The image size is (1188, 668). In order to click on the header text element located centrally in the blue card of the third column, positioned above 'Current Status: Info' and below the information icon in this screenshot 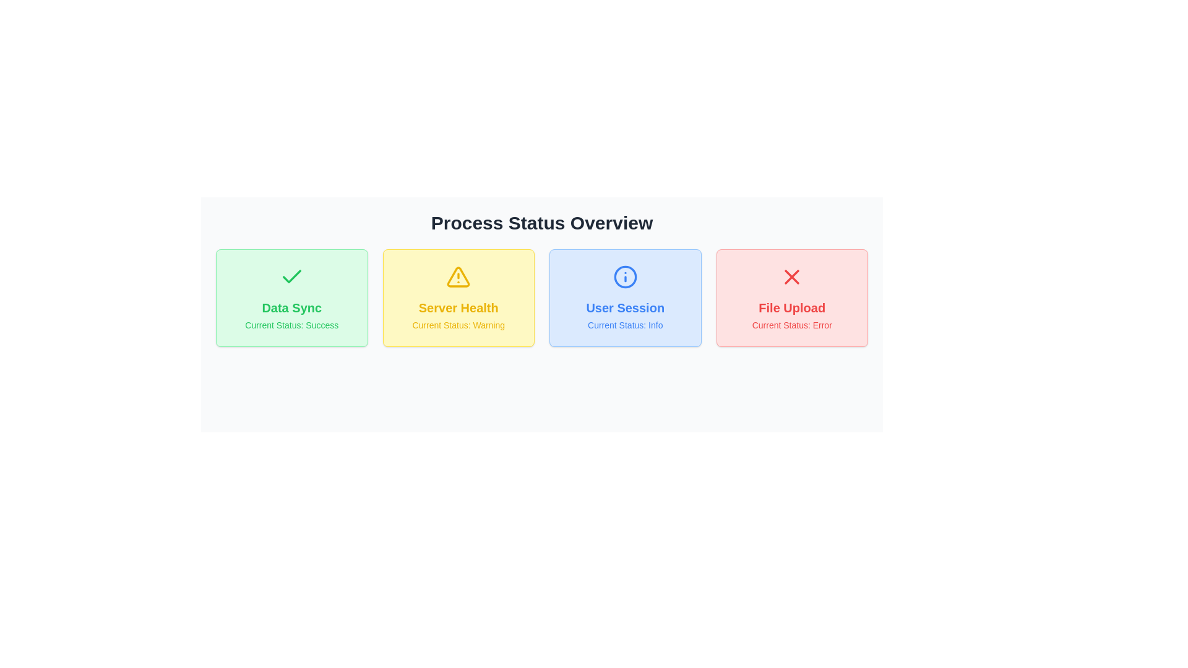, I will do `click(625, 307)`.